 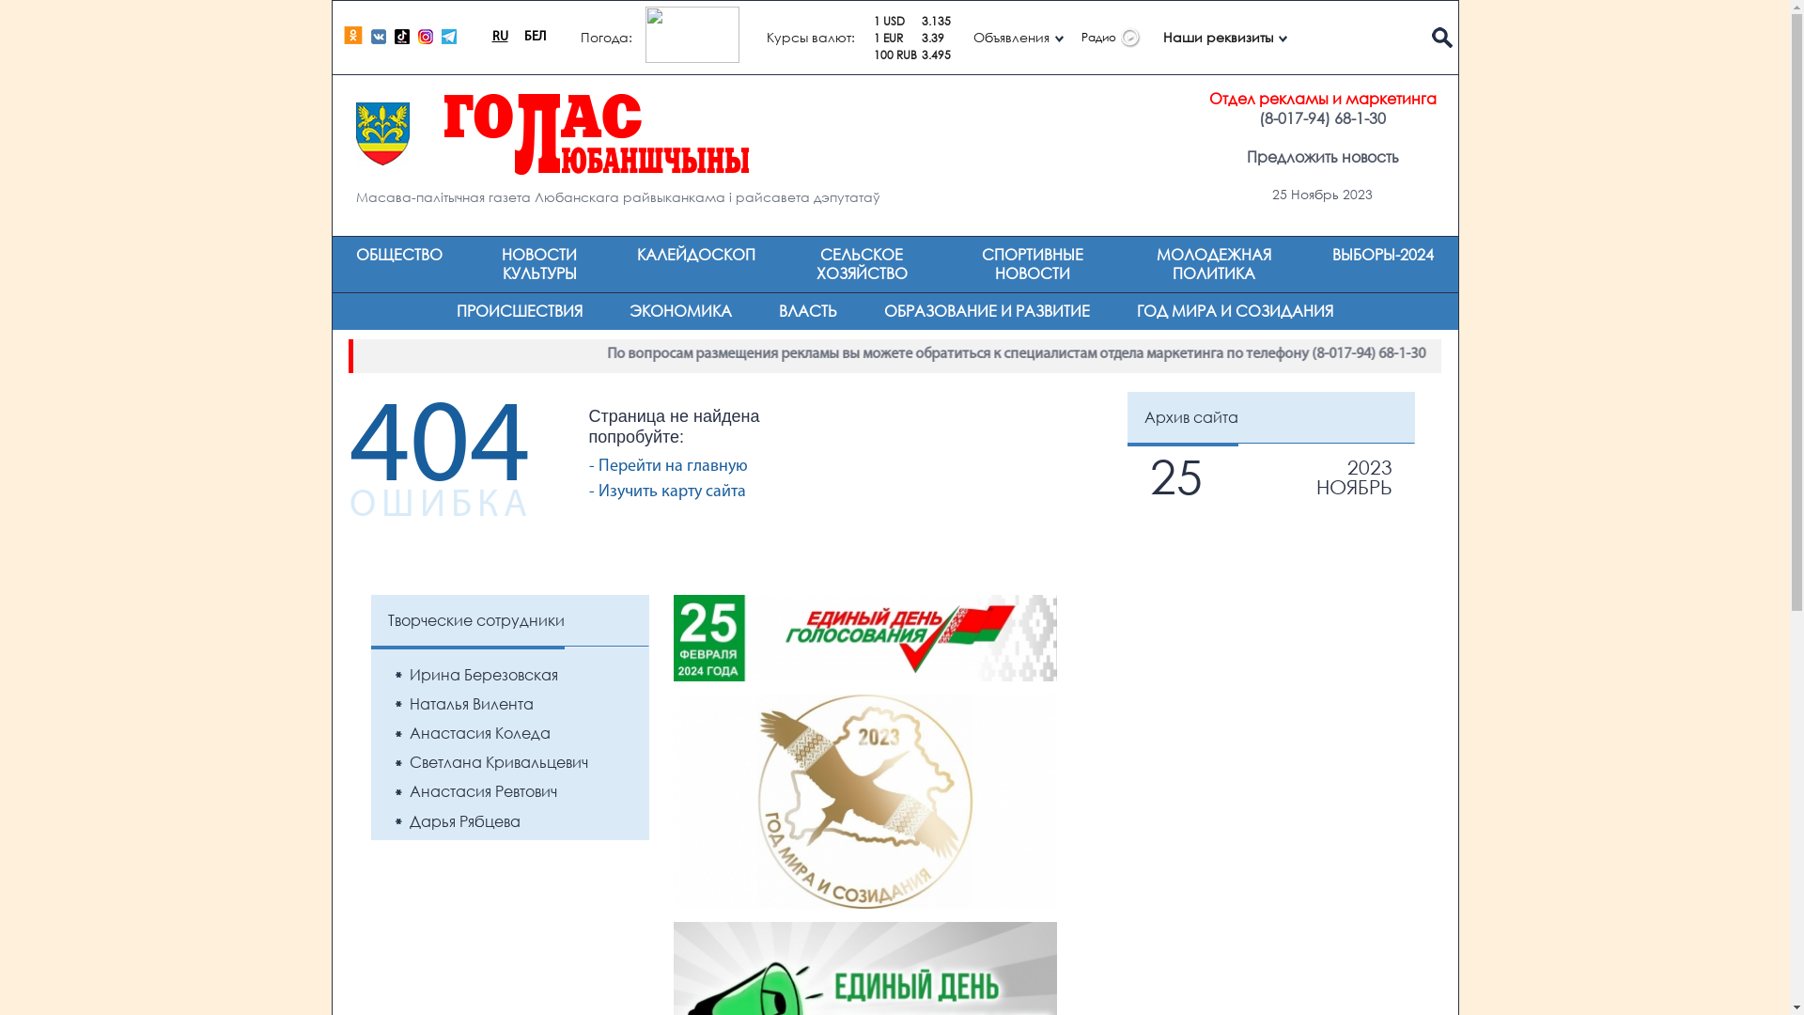 I want to click on 'vk.com', so click(x=369, y=36).